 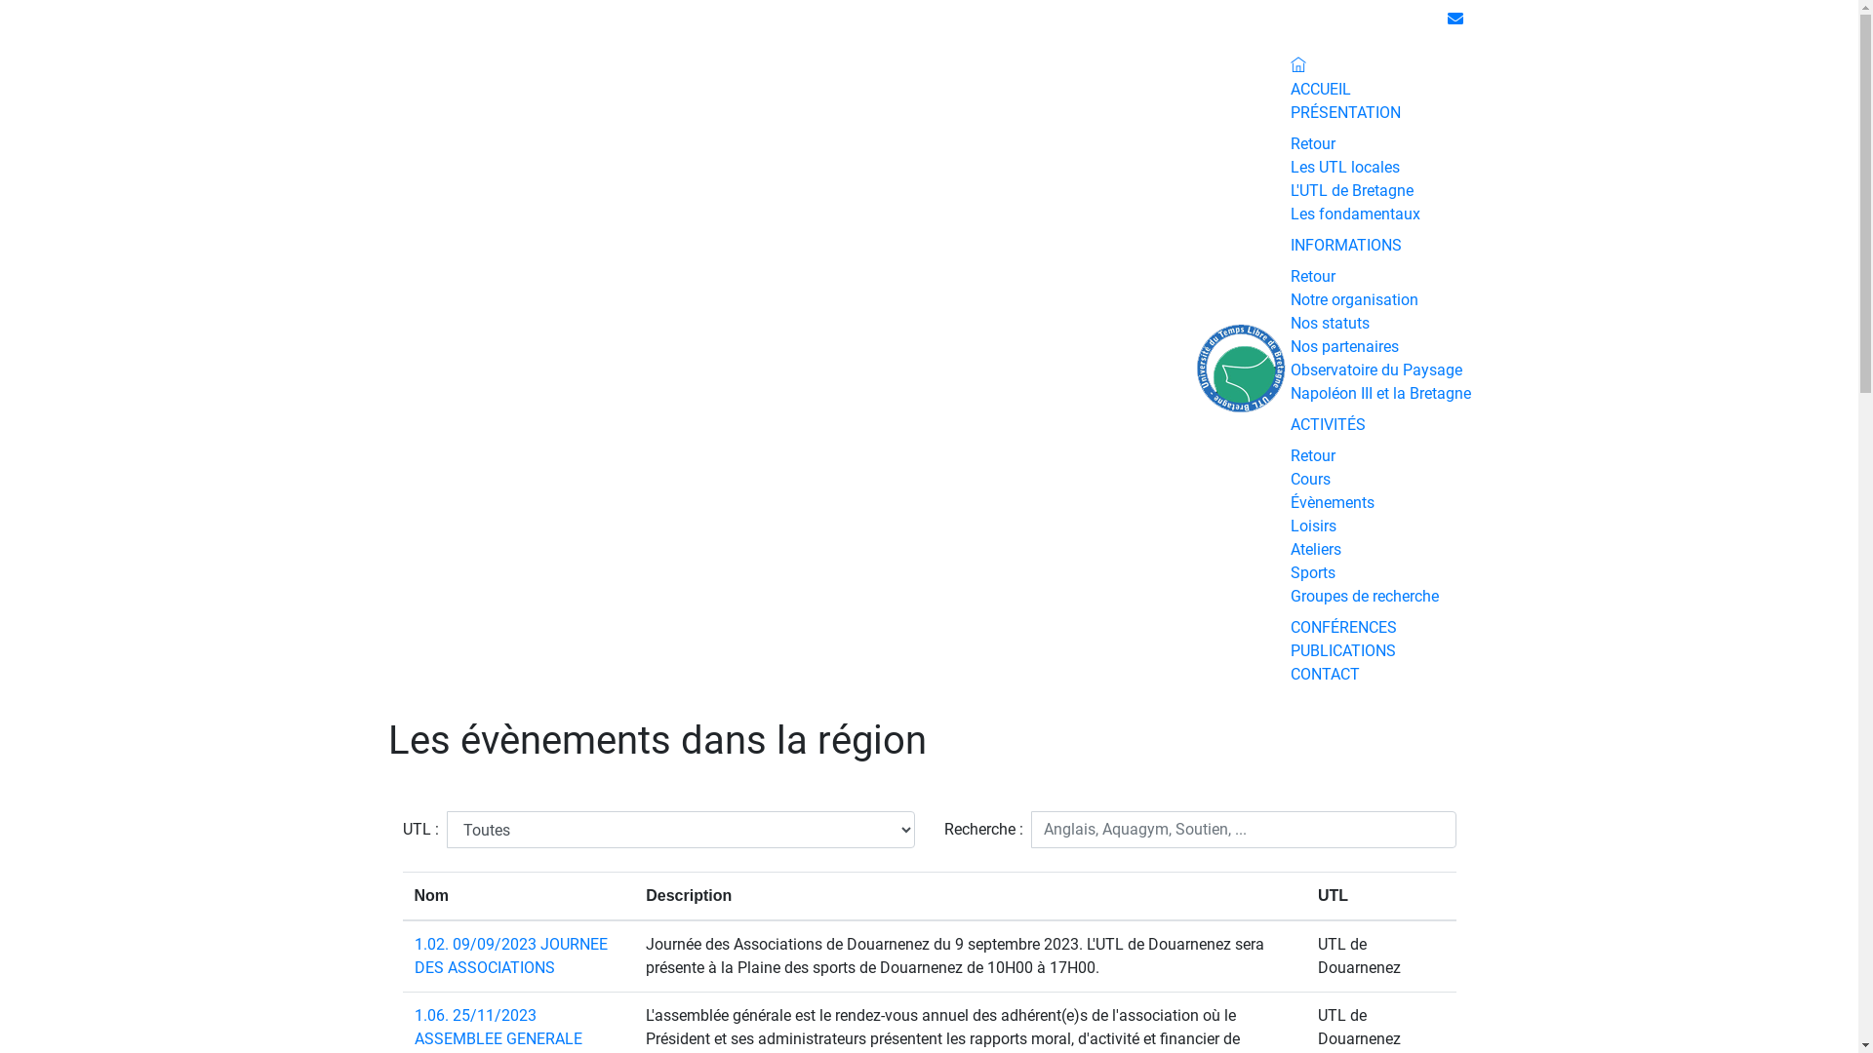 I want to click on 'CONTACT', so click(x=1324, y=673).